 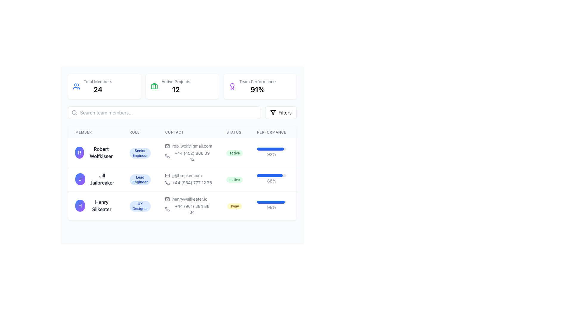 I want to click on the text label displaying the name 'Henry Silkeater', so click(x=102, y=205).